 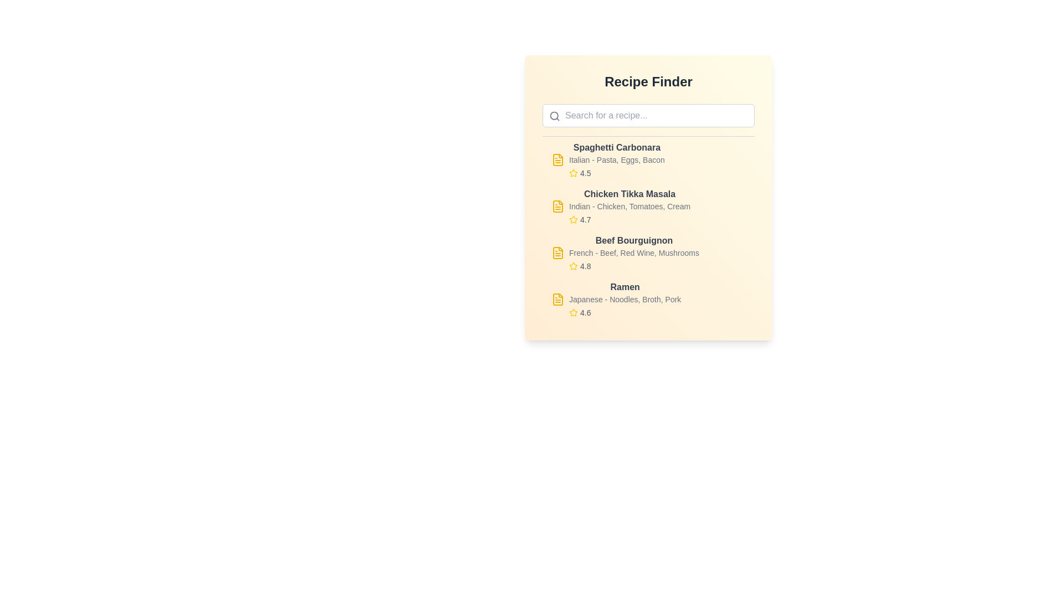 What do you see at coordinates (574, 173) in the screenshot?
I see `the star SVG icon indicating a rating value located to the left of the text '4.5' at the top of the first item in a vertical list` at bounding box center [574, 173].